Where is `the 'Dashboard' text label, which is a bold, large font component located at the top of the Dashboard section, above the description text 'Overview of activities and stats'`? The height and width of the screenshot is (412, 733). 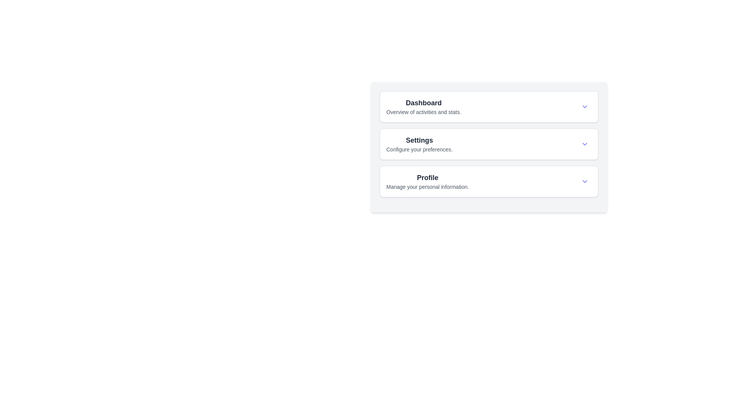 the 'Dashboard' text label, which is a bold, large font component located at the top of the Dashboard section, above the description text 'Overview of activities and stats' is located at coordinates (423, 103).